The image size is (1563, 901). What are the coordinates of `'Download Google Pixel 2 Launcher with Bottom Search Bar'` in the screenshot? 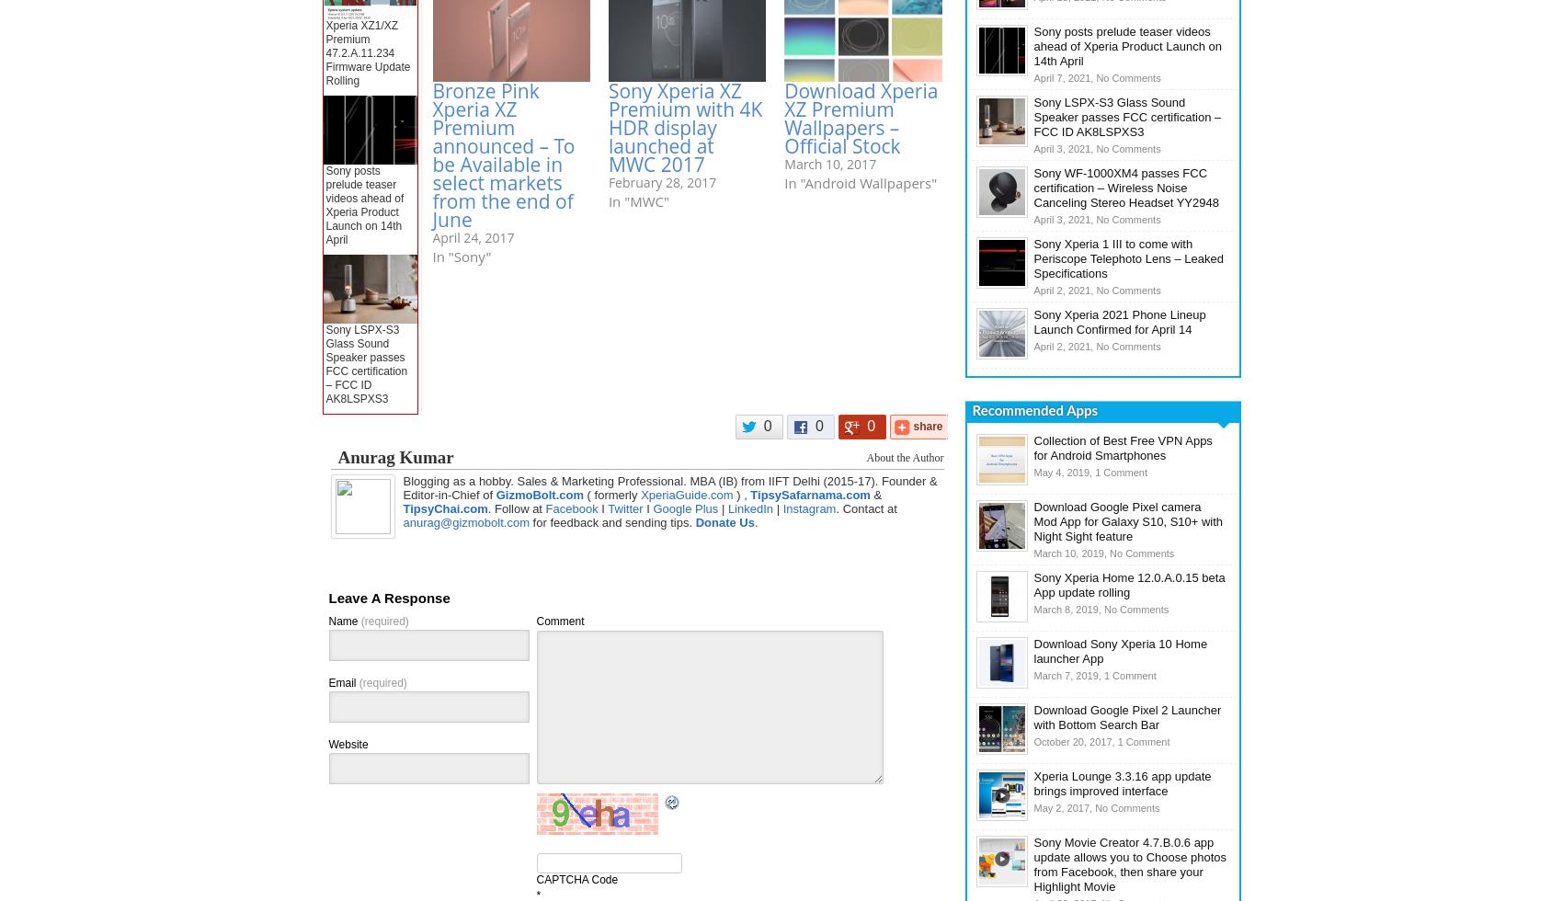 It's located at (1126, 717).